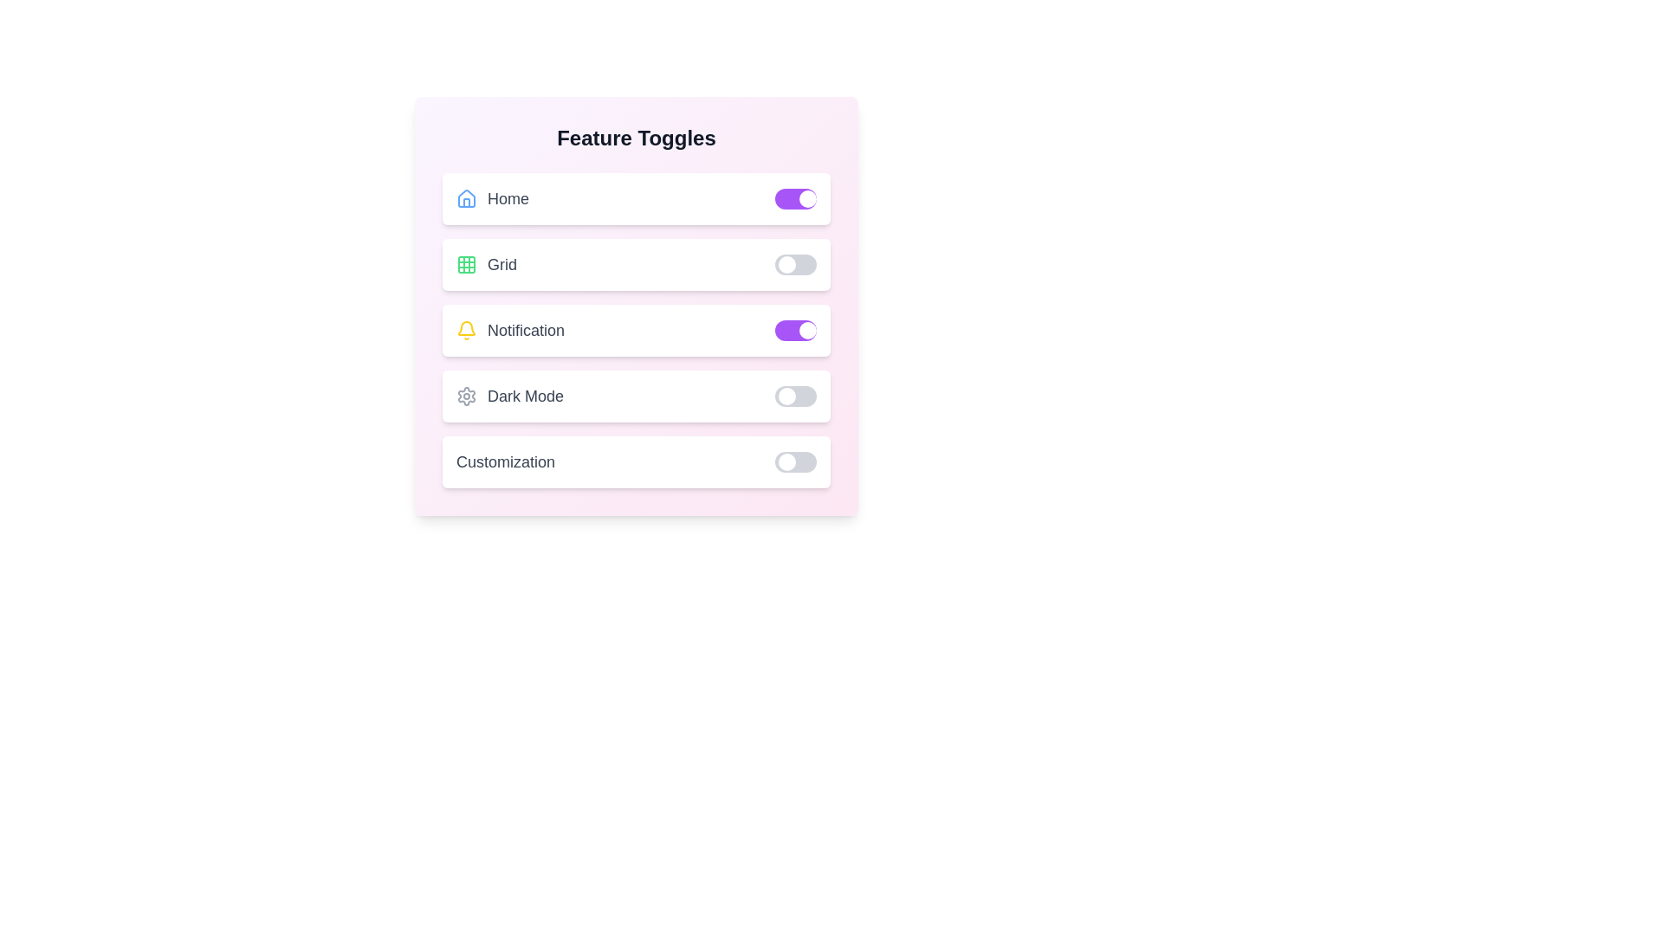 This screenshot has width=1663, height=935. Describe the element at coordinates (466, 330) in the screenshot. I see `the bell icon located to the far left of the 'Notification' row in the feature toggles section, which serves as a visual cue for notifications` at that location.